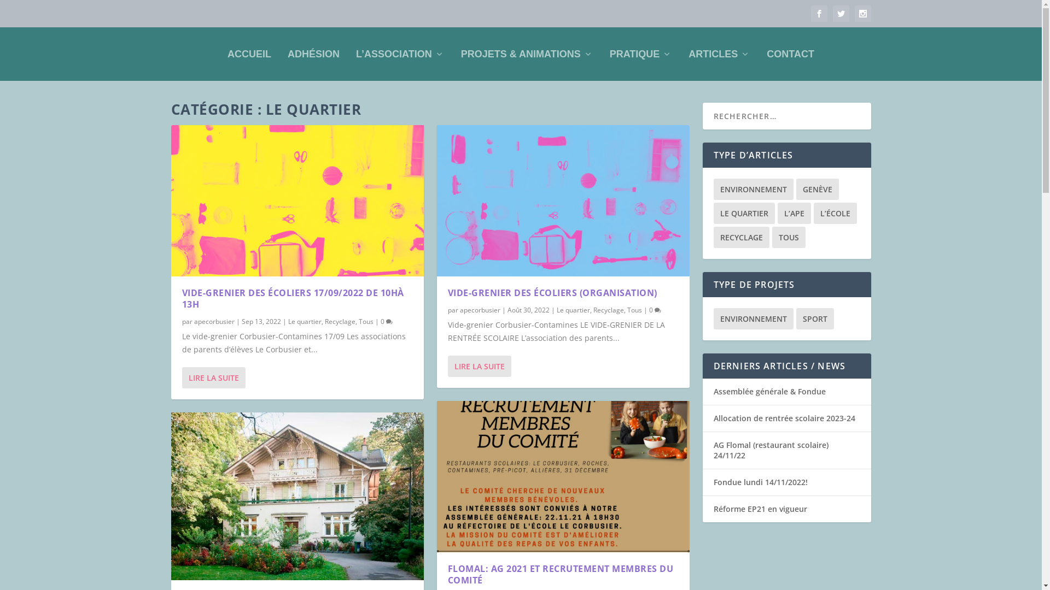 This screenshot has width=1050, height=590. What do you see at coordinates (743, 213) in the screenshot?
I see `'LE QUARTIER'` at bounding box center [743, 213].